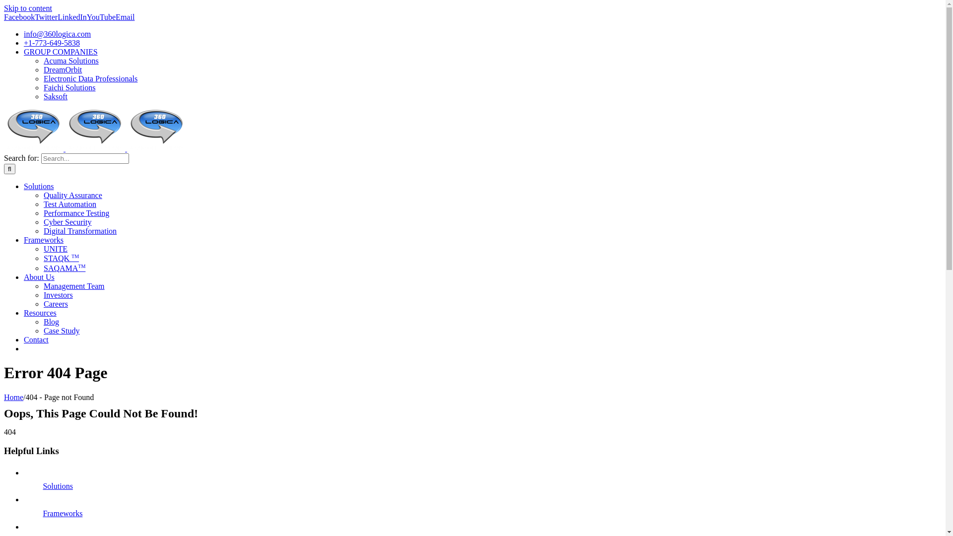  Describe the element at coordinates (42, 513) in the screenshot. I see `'Frameworks'` at that location.